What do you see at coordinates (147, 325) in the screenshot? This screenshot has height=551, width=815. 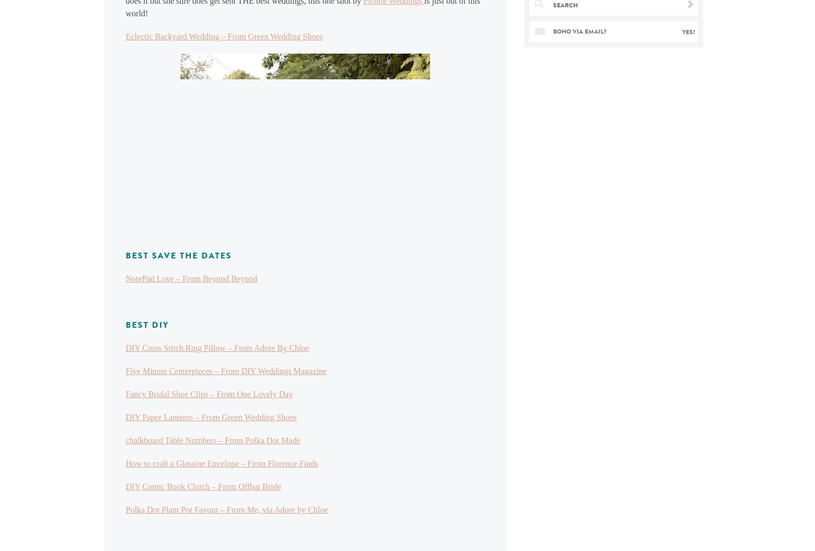 I see `'Best DIY'` at bounding box center [147, 325].